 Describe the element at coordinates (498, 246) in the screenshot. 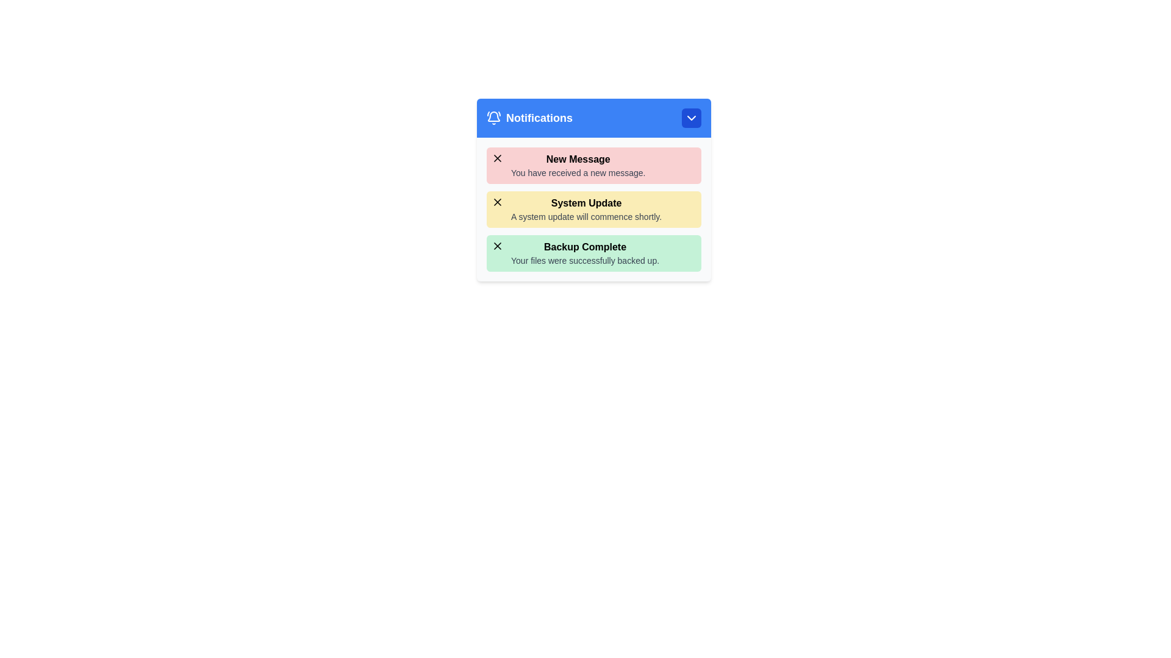

I see `the third 'X' icon in the green 'Backup Complete' notification card` at that location.